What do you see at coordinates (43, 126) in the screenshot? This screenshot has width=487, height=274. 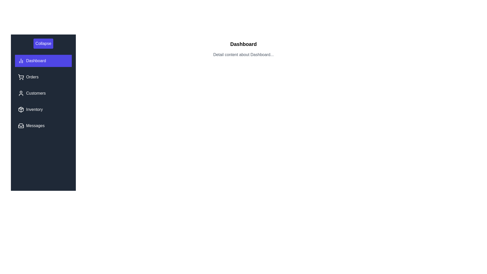 I see `the menu item Messages to view its details` at bounding box center [43, 126].